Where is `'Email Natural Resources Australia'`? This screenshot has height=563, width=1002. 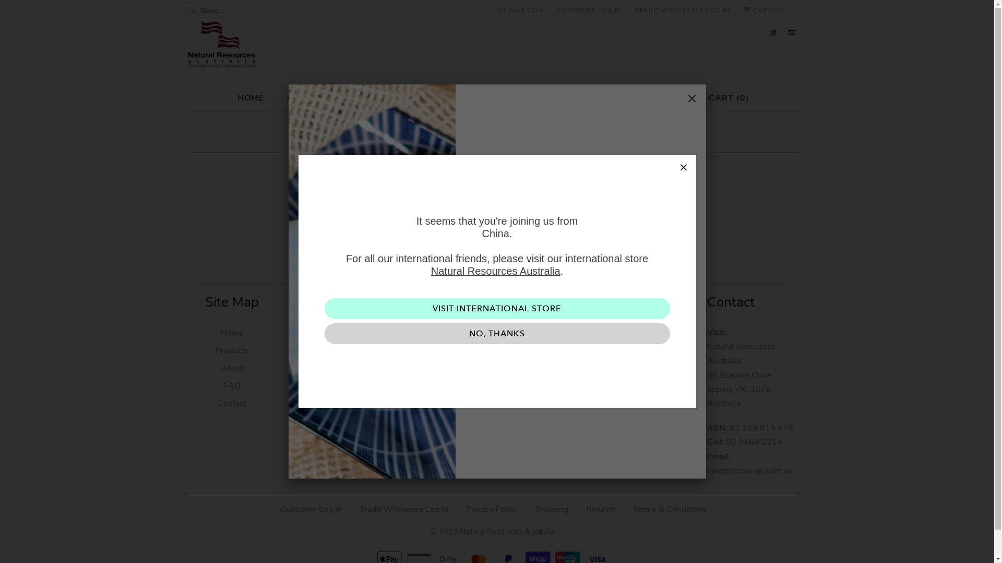 'Email Natural Resources Australia' is located at coordinates (548, 424).